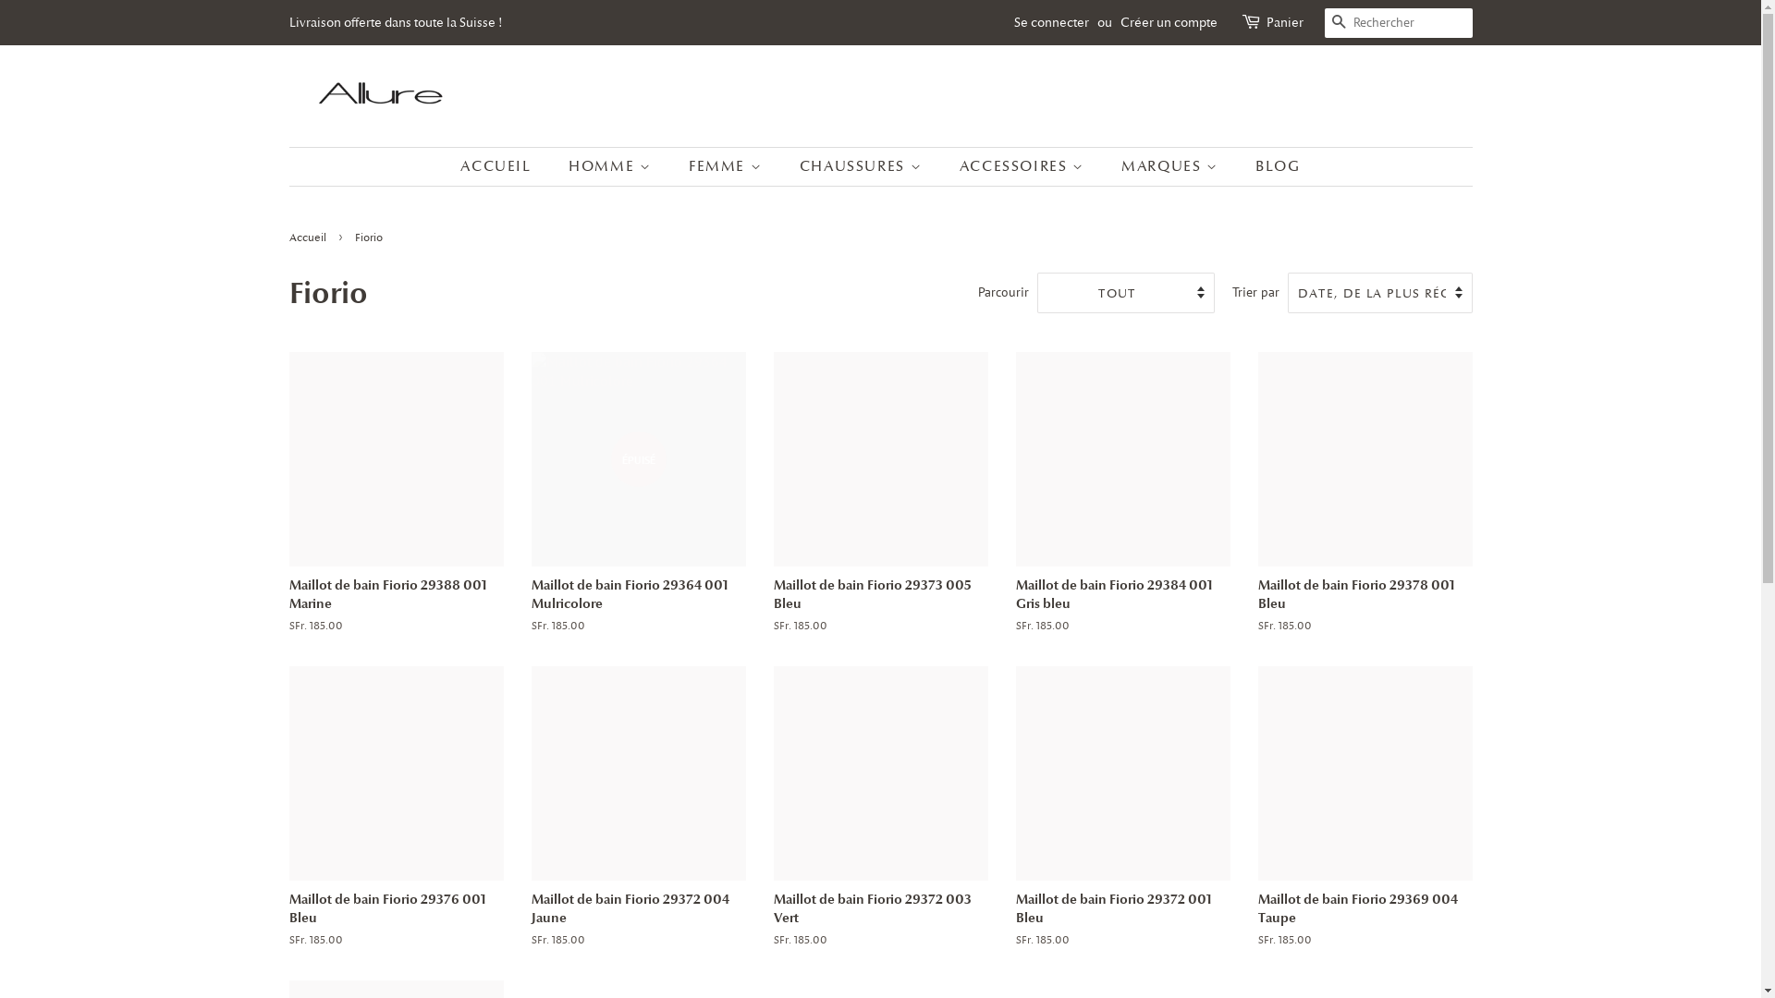 Image resolution: width=1775 pixels, height=998 pixels. Describe the element at coordinates (1339, 23) in the screenshot. I see `'RECHERCHE'` at that location.